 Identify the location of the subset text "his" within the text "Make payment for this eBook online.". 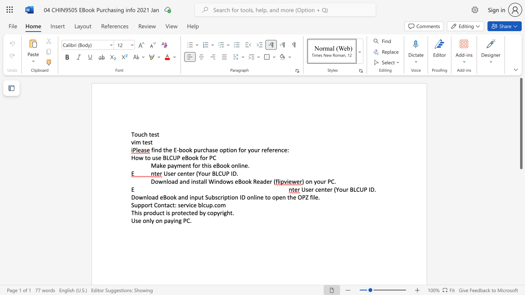
(204, 166).